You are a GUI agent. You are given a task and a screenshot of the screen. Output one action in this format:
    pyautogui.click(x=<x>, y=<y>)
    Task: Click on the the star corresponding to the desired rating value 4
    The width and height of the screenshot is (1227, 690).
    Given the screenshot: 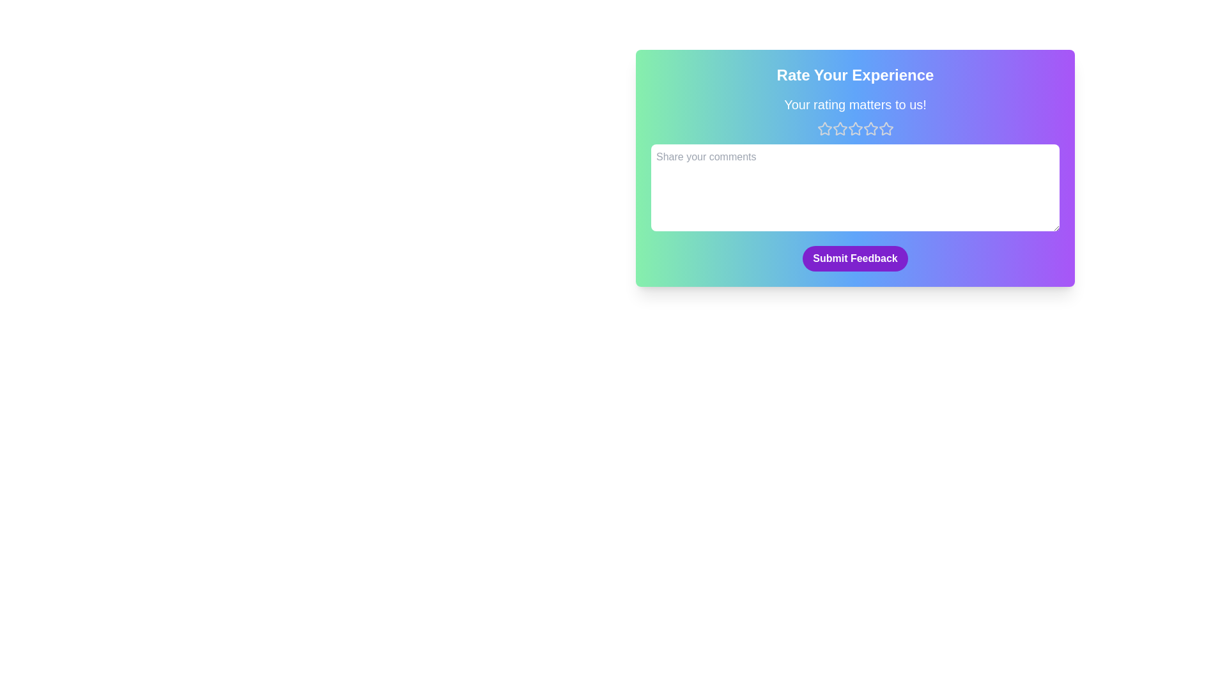 What is the action you would take?
    pyautogui.click(x=870, y=128)
    